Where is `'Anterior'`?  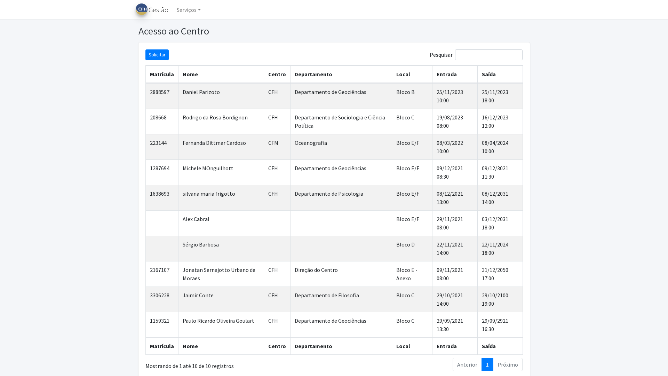 'Anterior' is located at coordinates (467, 364).